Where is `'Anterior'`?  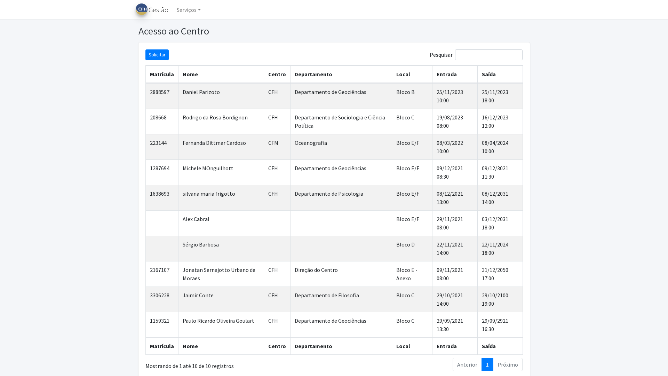 'Anterior' is located at coordinates (467, 364).